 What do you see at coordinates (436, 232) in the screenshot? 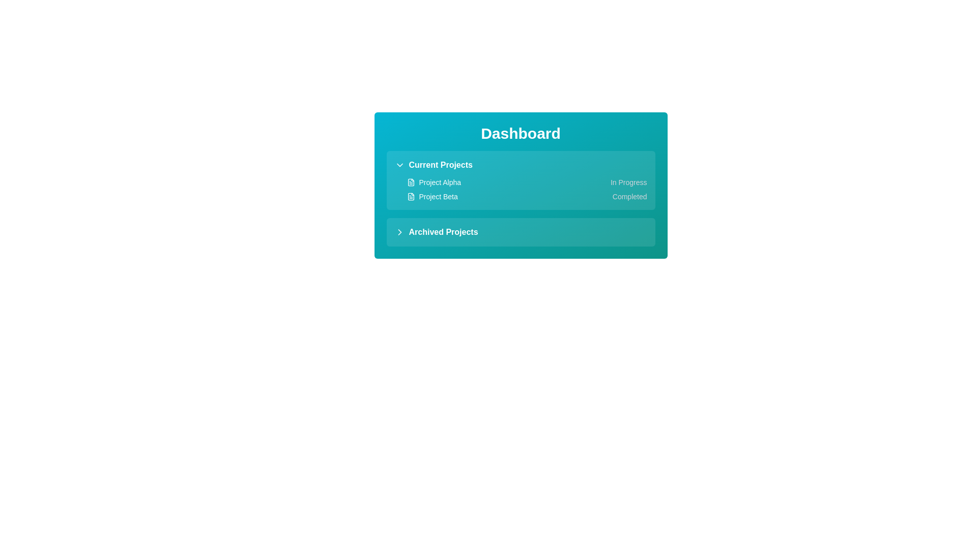
I see `the 'Archived Projects' button` at bounding box center [436, 232].